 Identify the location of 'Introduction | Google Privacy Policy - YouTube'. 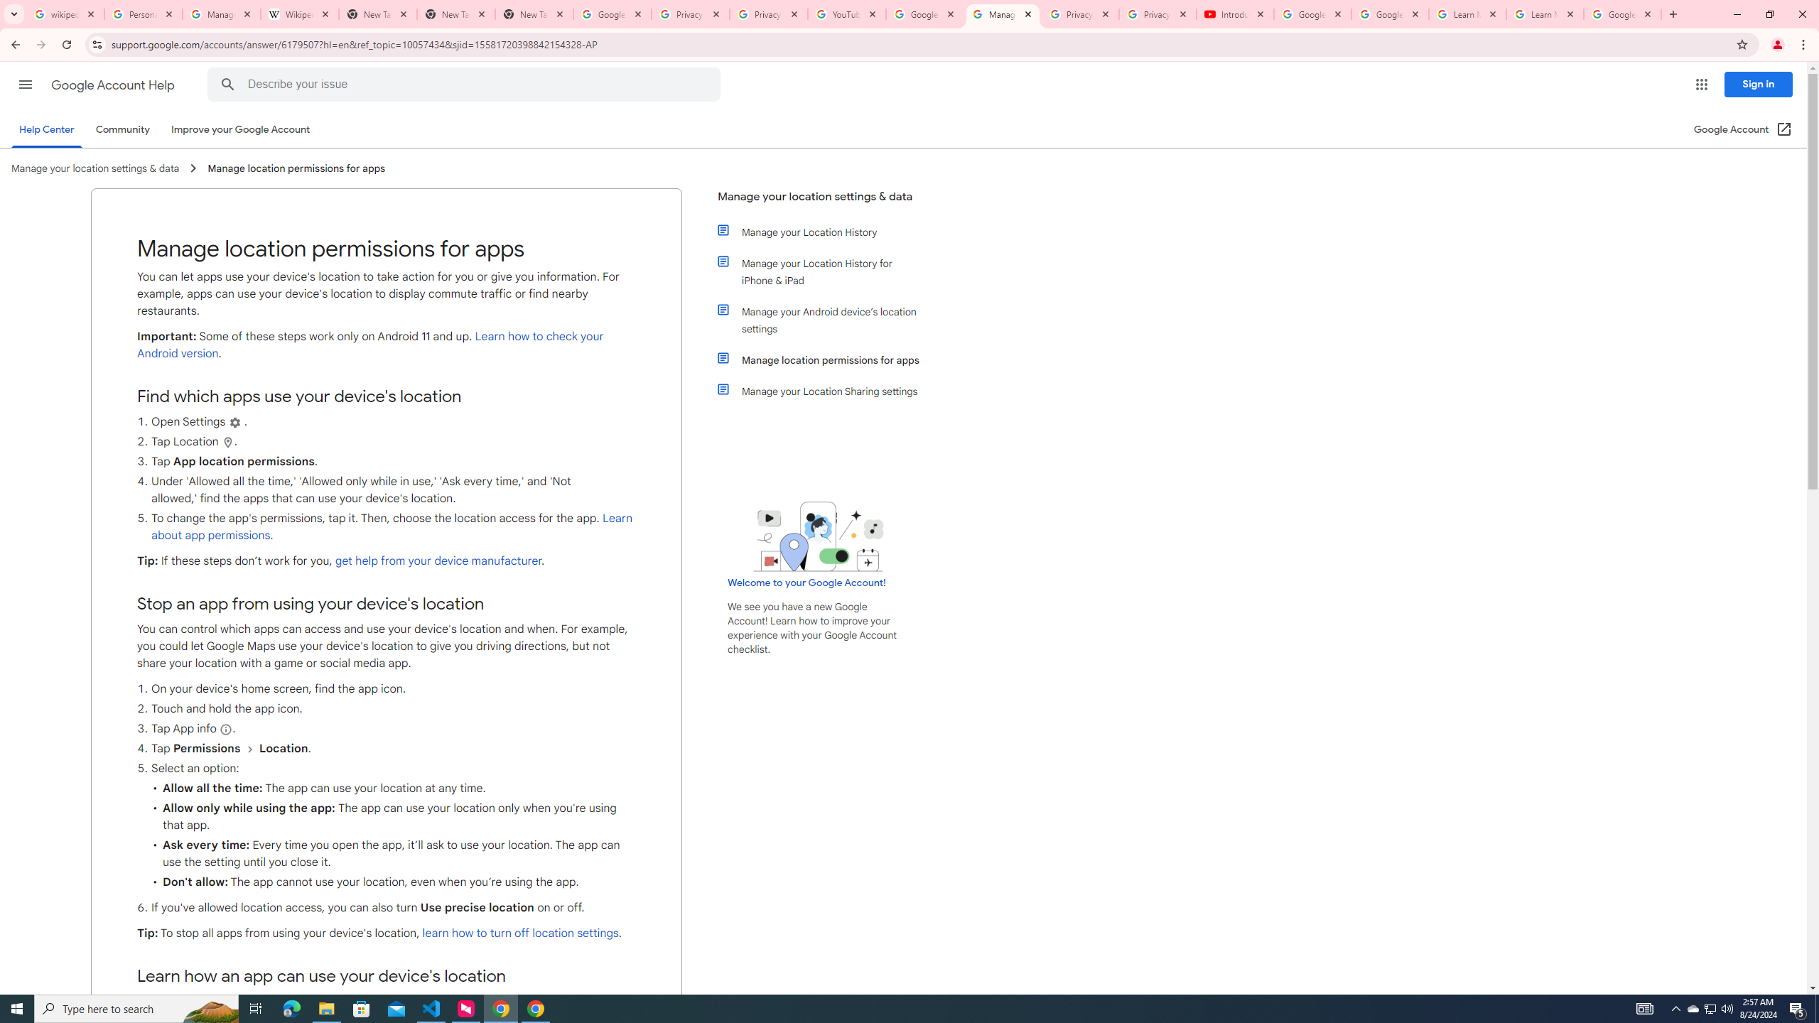
(1234, 13).